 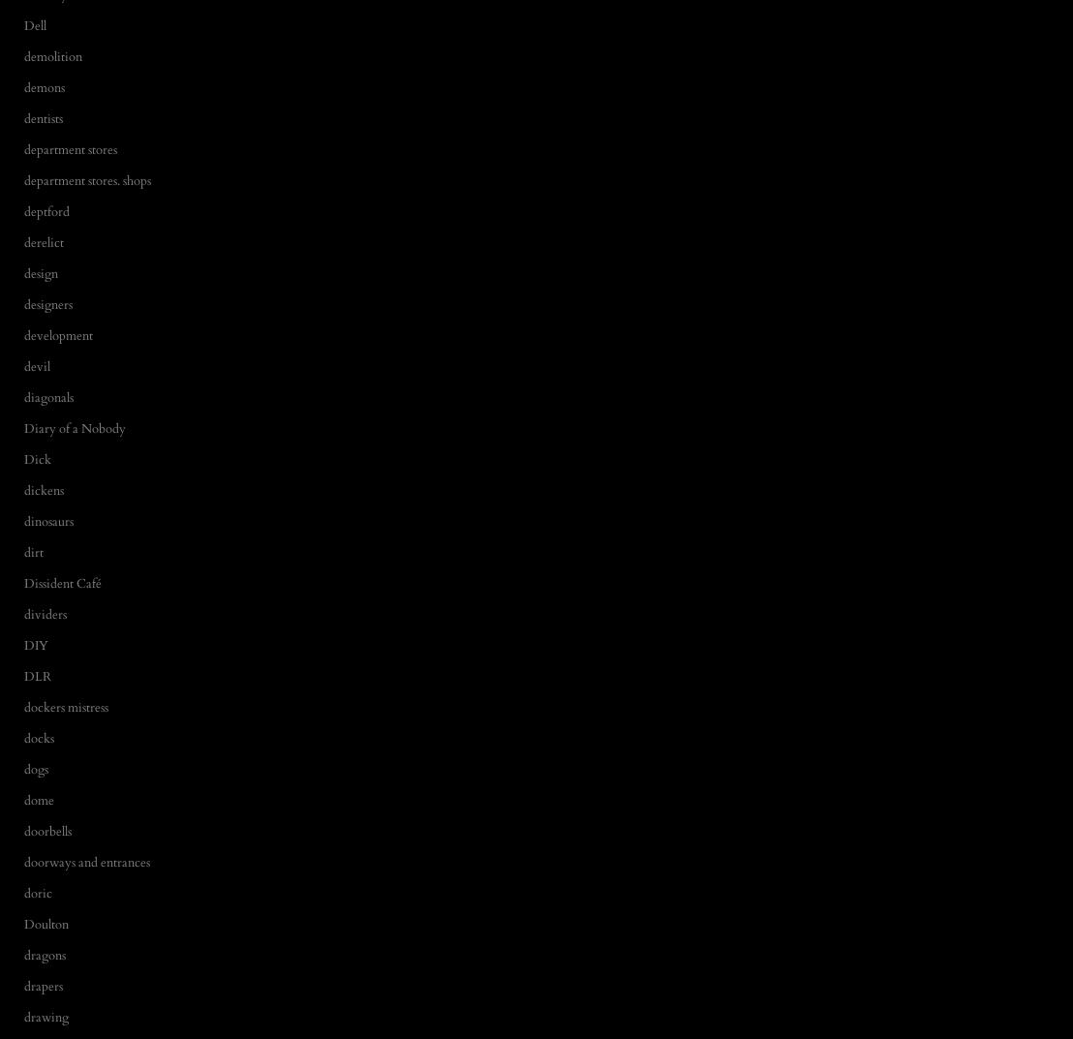 I want to click on 'devil', so click(x=37, y=365).